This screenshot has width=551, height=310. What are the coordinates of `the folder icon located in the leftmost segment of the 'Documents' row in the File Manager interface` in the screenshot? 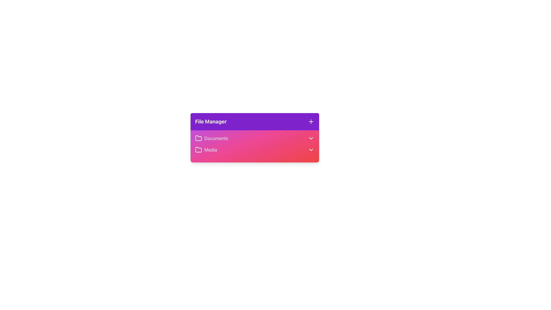 It's located at (198, 138).